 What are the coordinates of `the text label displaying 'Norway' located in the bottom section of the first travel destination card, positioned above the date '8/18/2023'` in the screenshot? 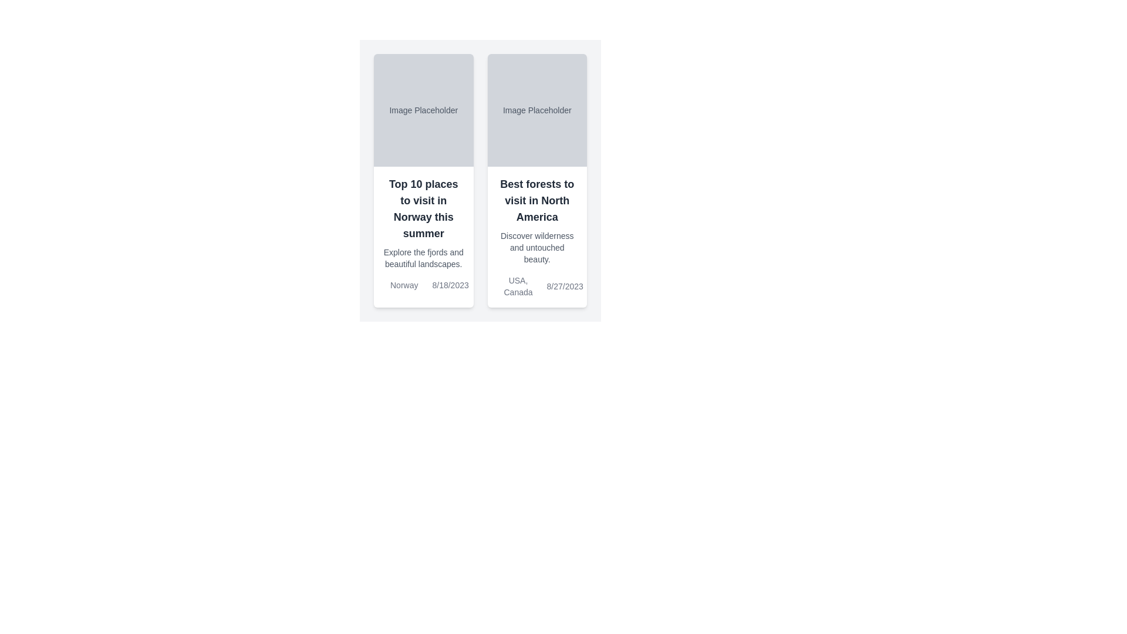 It's located at (404, 285).